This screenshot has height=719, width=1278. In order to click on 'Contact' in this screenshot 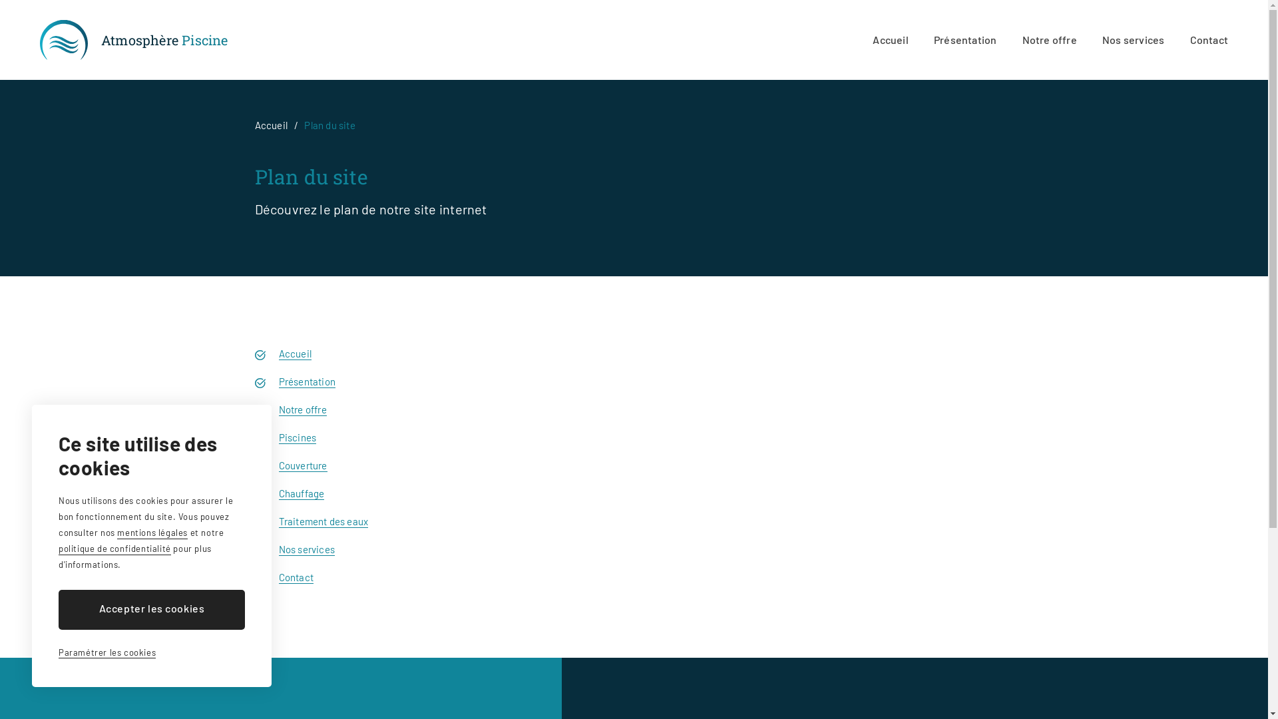, I will do `click(295, 577)`.